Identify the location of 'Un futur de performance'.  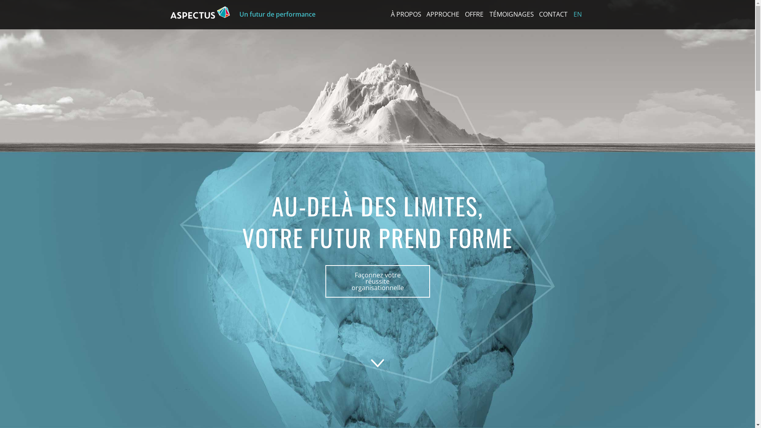
(273, 14).